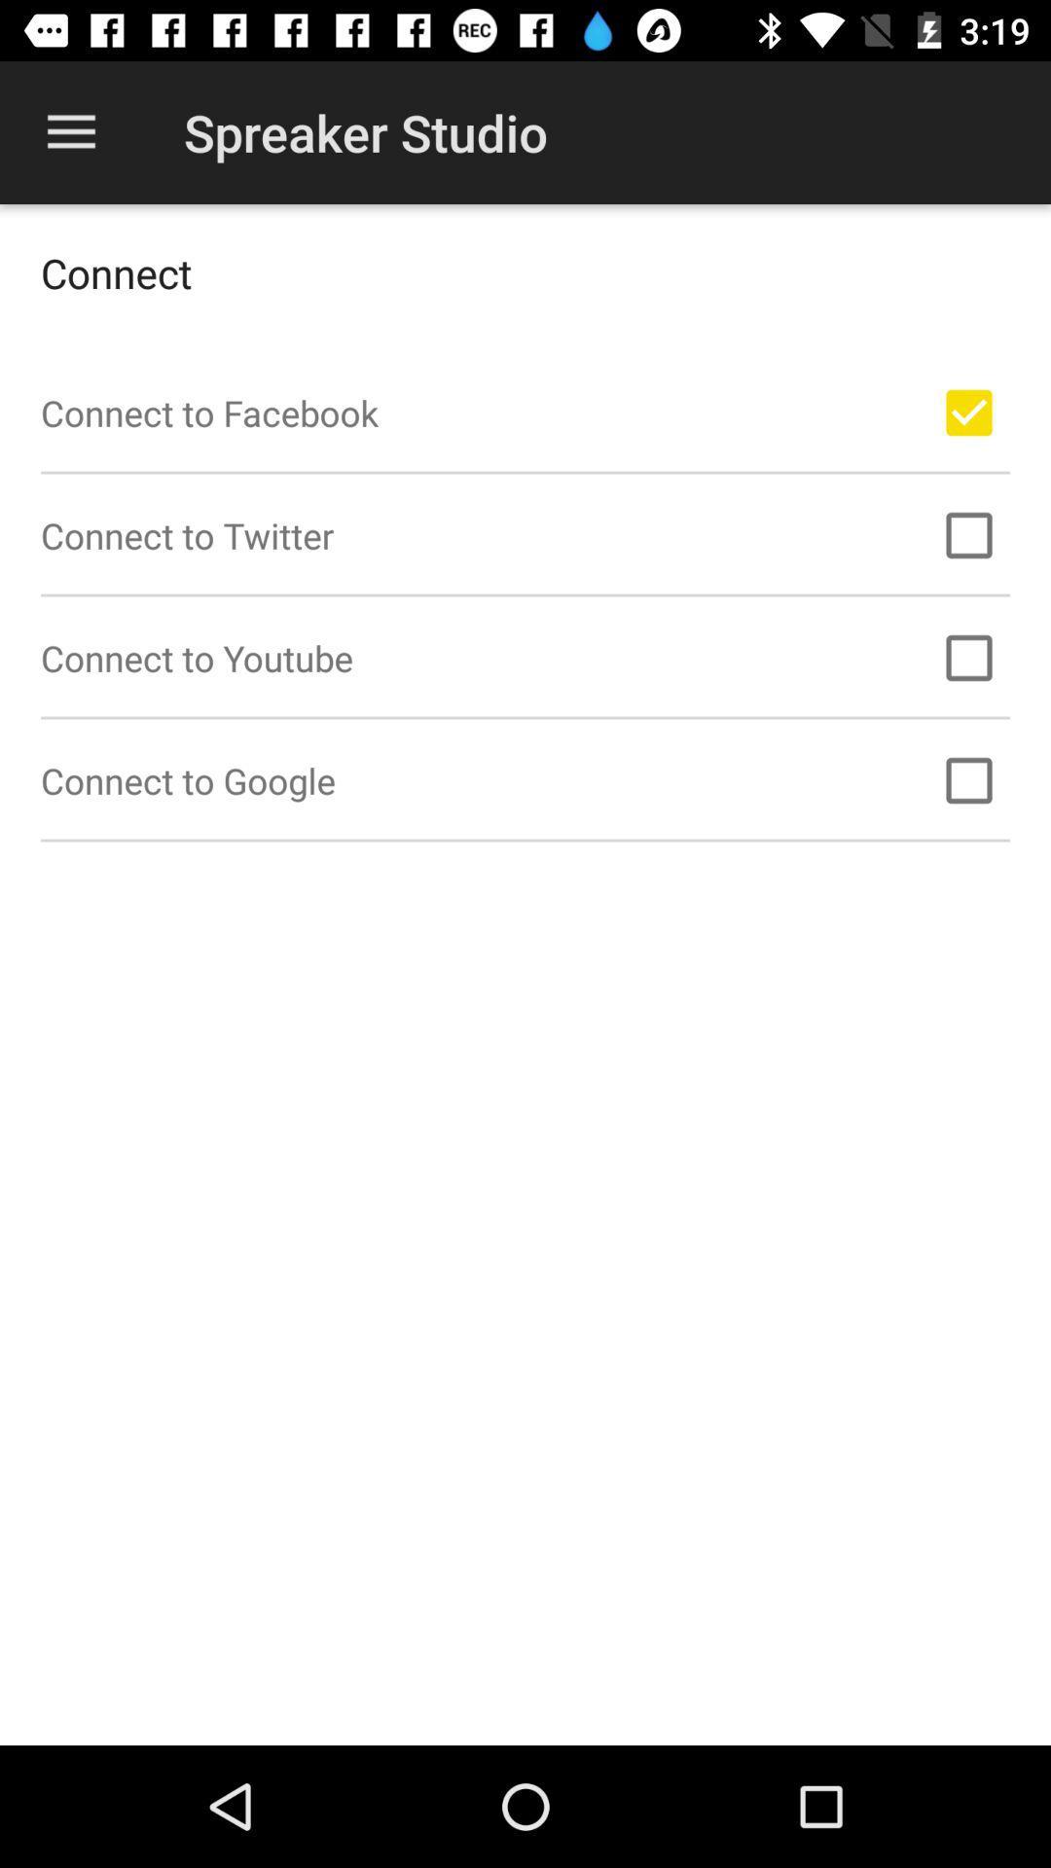 This screenshot has height=1868, width=1051. I want to click on disconnect from facebook, so click(968, 412).